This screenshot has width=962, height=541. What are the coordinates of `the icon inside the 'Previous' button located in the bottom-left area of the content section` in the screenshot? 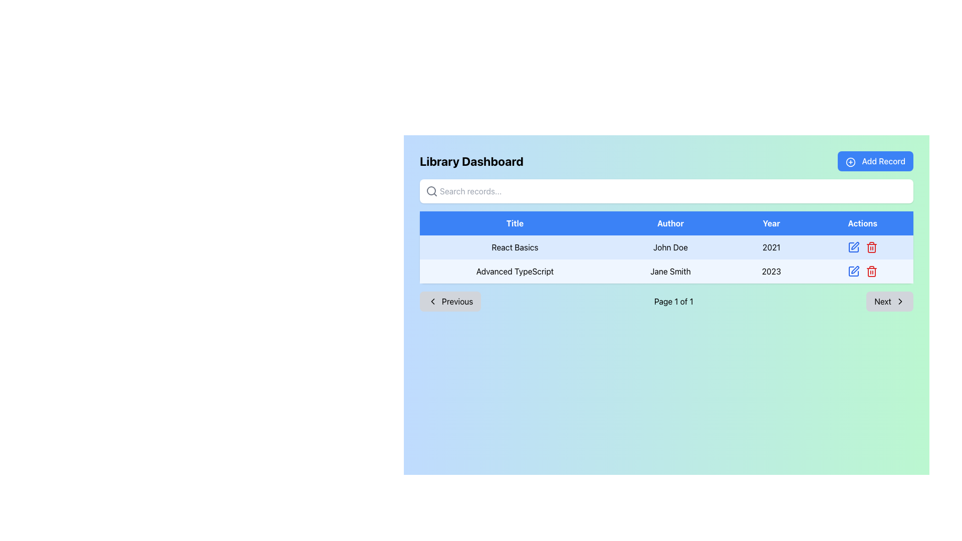 It's located at (433, 301).